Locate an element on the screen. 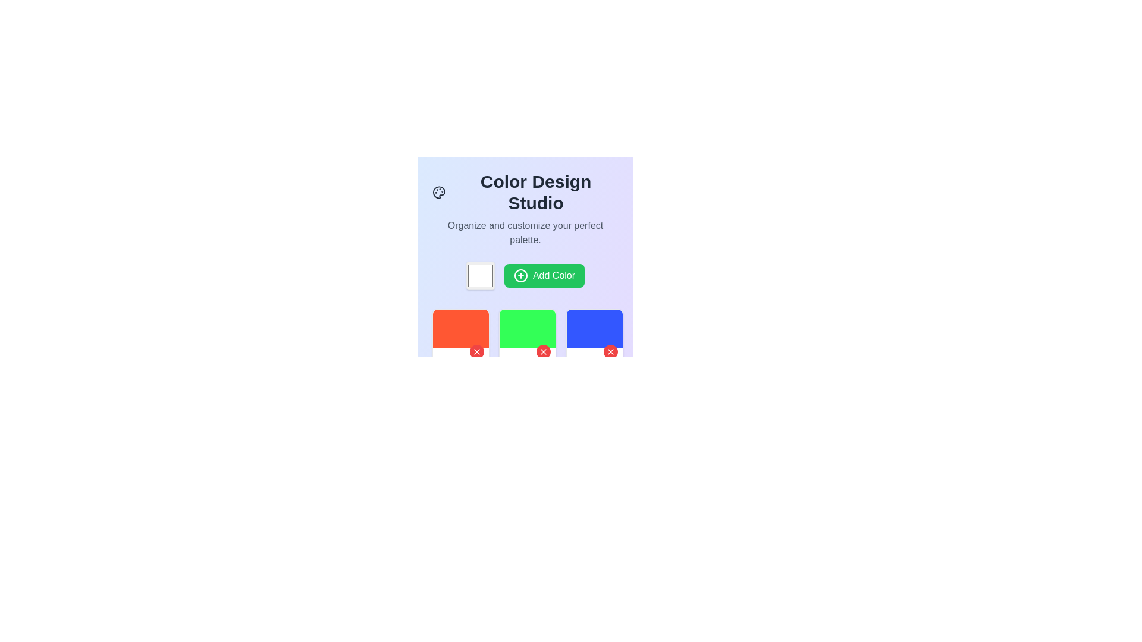  the delete button located at the bottom-right corner of the blue card to observe the hover effect is located at coordinates (610, 352).